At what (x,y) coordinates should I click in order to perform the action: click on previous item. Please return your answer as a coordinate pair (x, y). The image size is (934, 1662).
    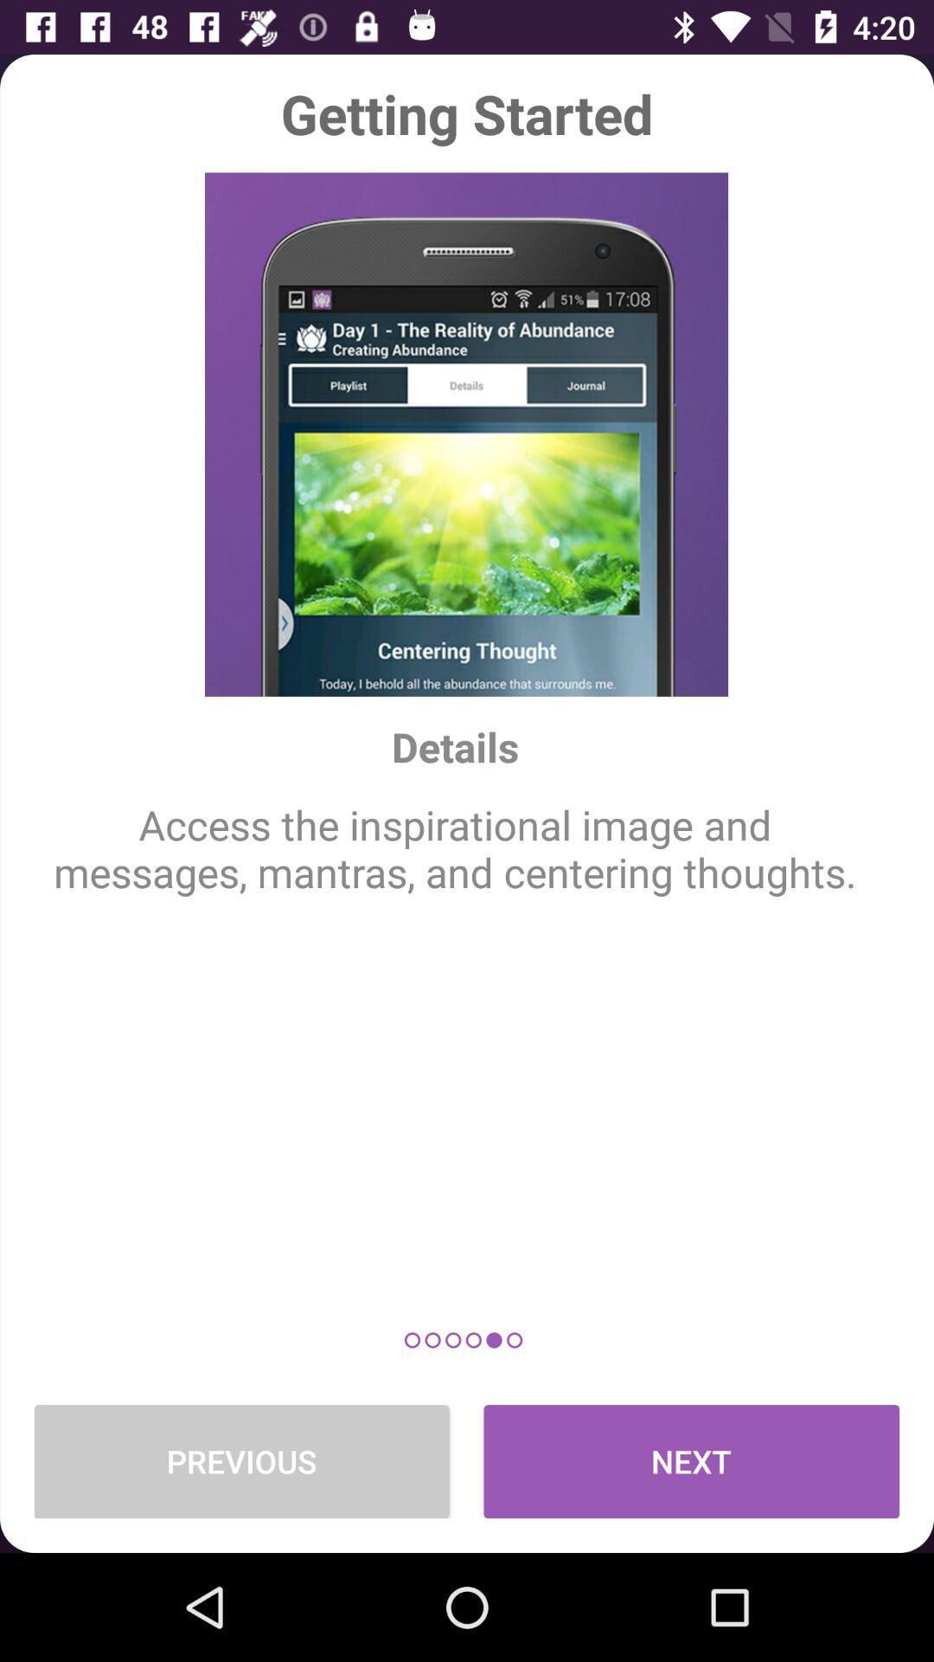
    Looking at the image, I should click on (241, 1460).